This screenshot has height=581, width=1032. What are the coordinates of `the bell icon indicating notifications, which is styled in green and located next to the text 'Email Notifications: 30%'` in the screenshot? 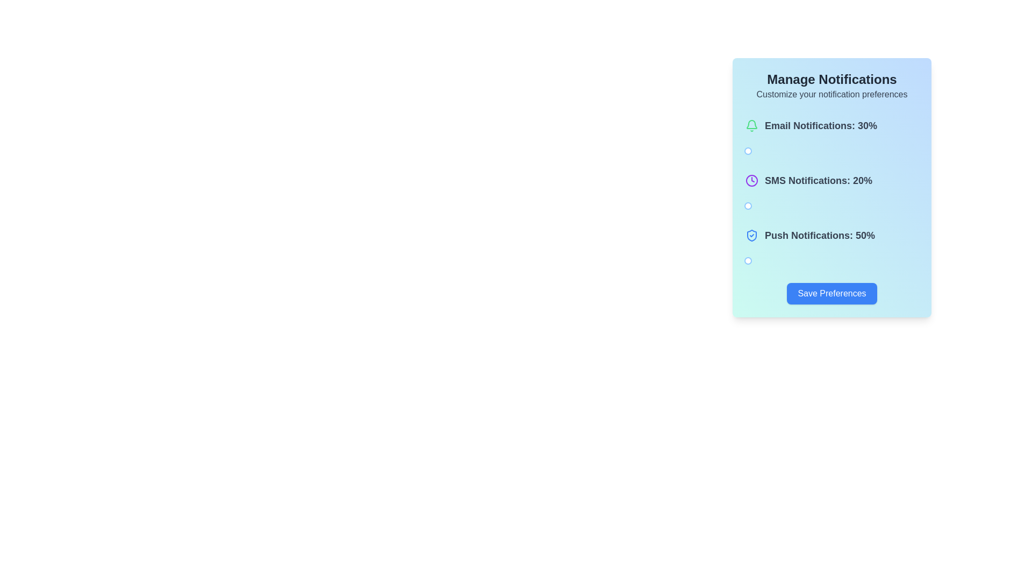 It's located at (751, 125).